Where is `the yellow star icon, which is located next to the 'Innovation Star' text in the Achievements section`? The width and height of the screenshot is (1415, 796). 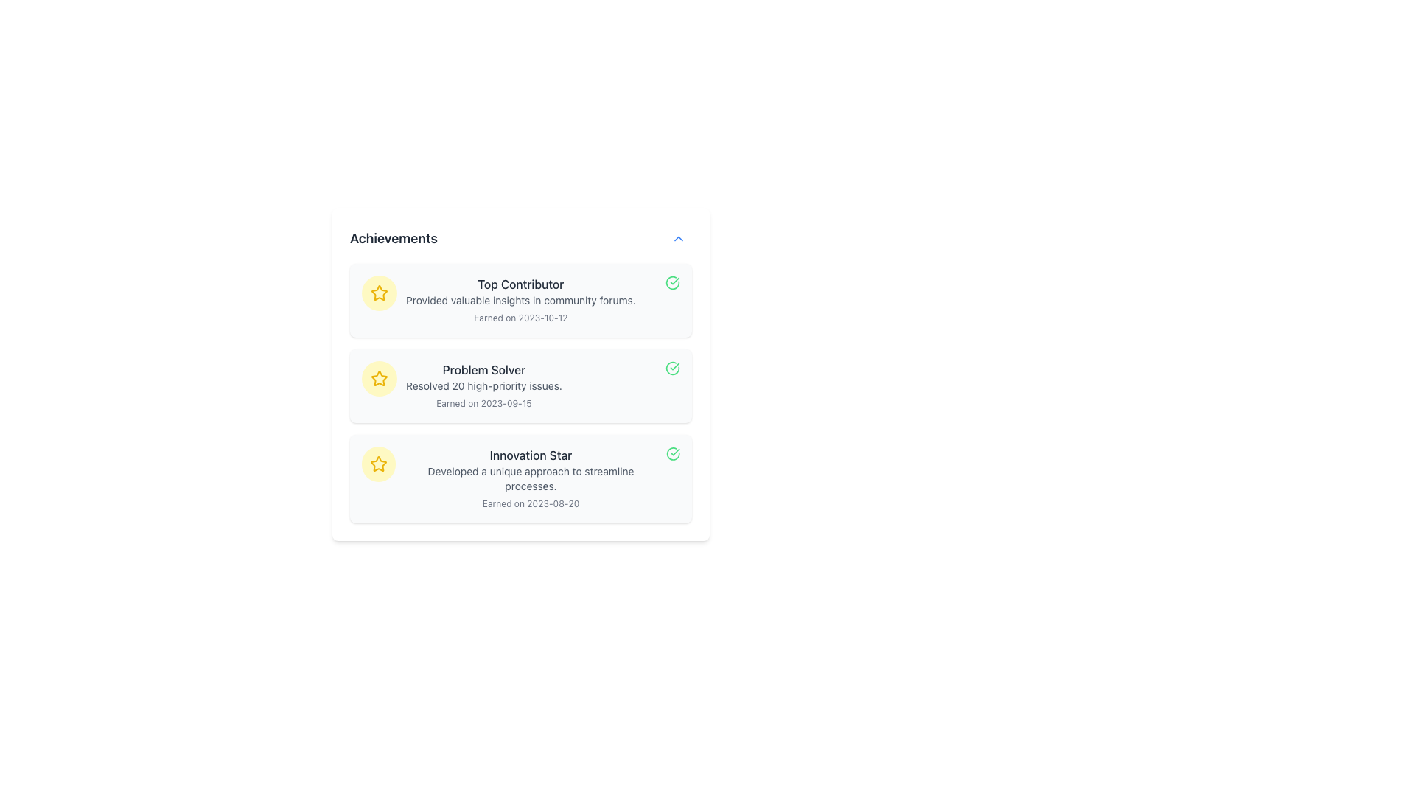 the yellow star icon, which is located next to the 'Innovation Star' text in the Achievements section is located at coordinates (379, 377).